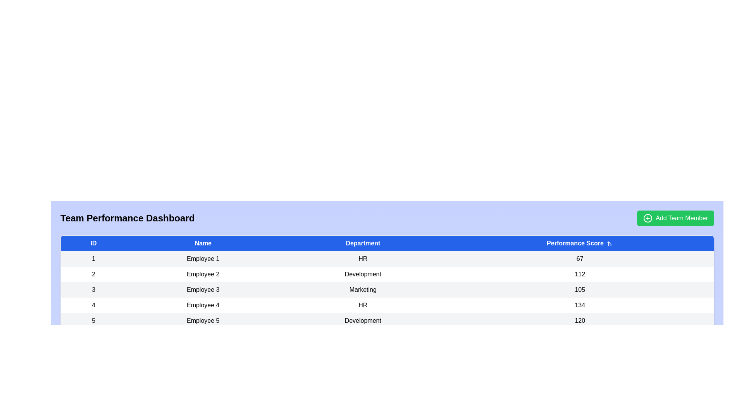 Image resolution: width=744 pixels, height=418 pixels. I want to click on the 'Performance Score' column header to sort the table by performance scores, so click(580, 243).